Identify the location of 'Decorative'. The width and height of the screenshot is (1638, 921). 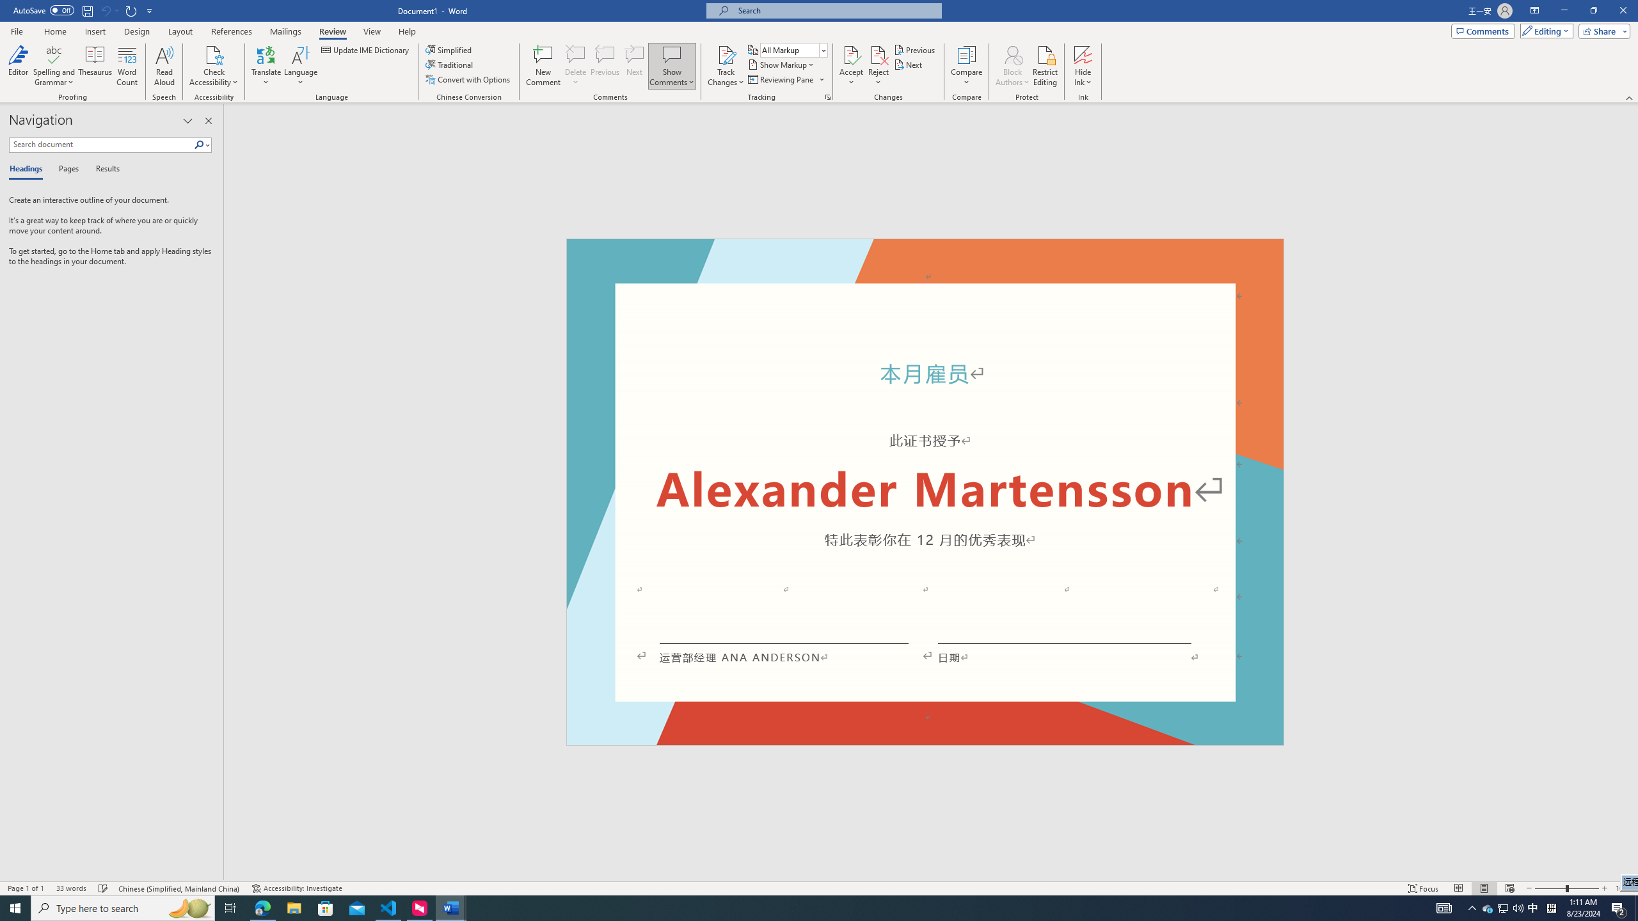
(925, 492).